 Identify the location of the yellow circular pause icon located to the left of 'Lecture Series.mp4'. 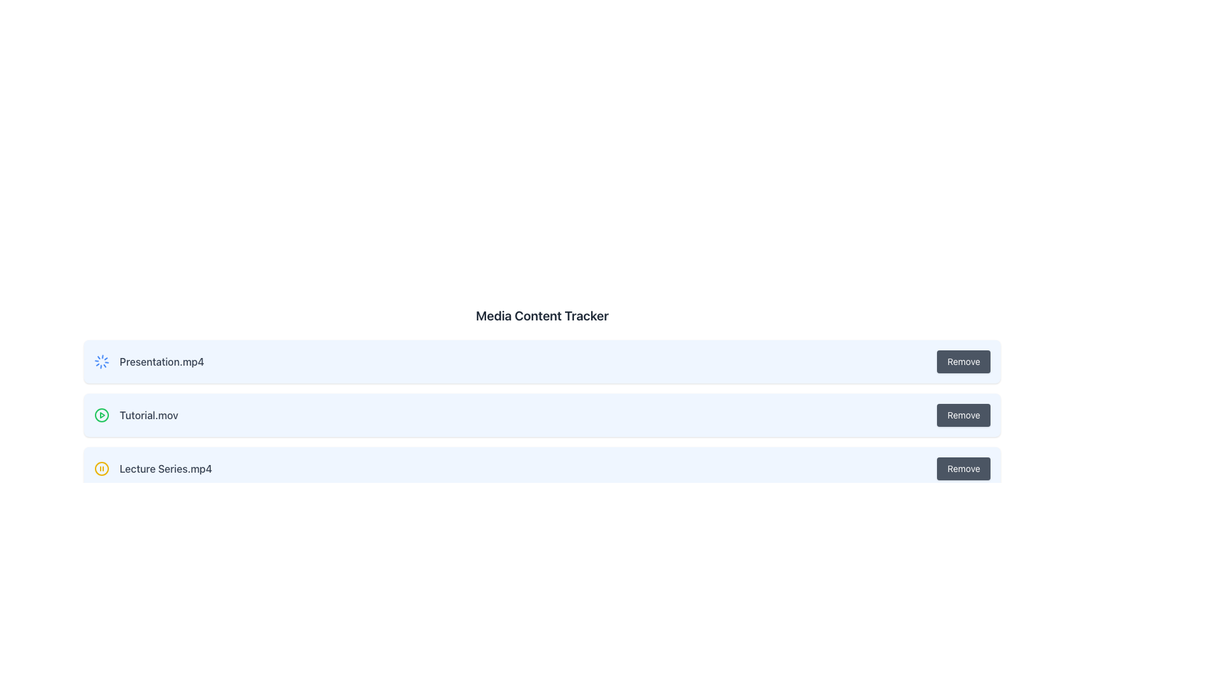
(101, 469).